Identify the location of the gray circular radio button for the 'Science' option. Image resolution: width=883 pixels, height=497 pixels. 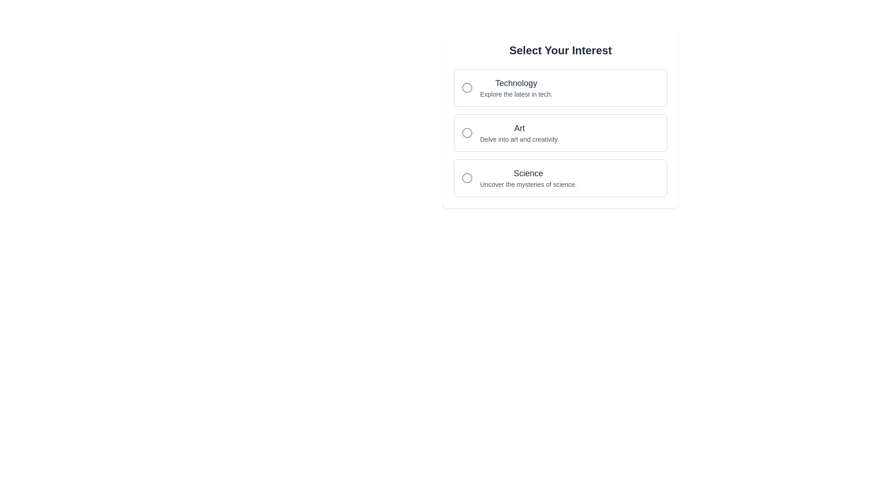
(467, 178).